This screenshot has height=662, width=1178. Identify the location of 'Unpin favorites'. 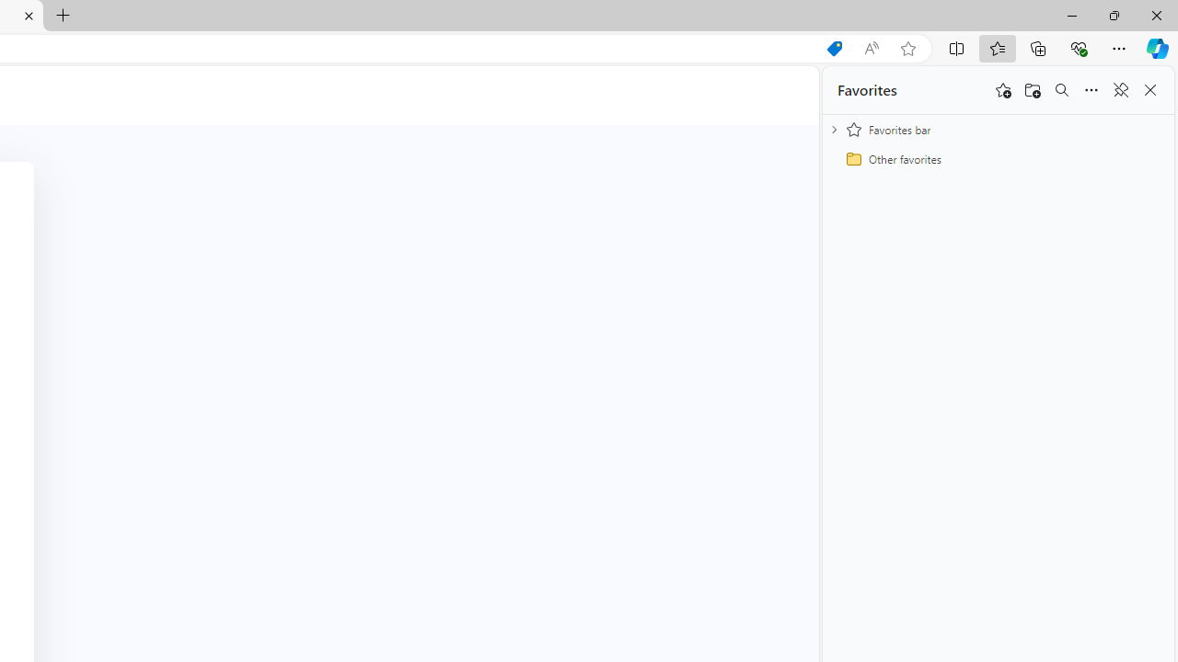
(1119, 90).